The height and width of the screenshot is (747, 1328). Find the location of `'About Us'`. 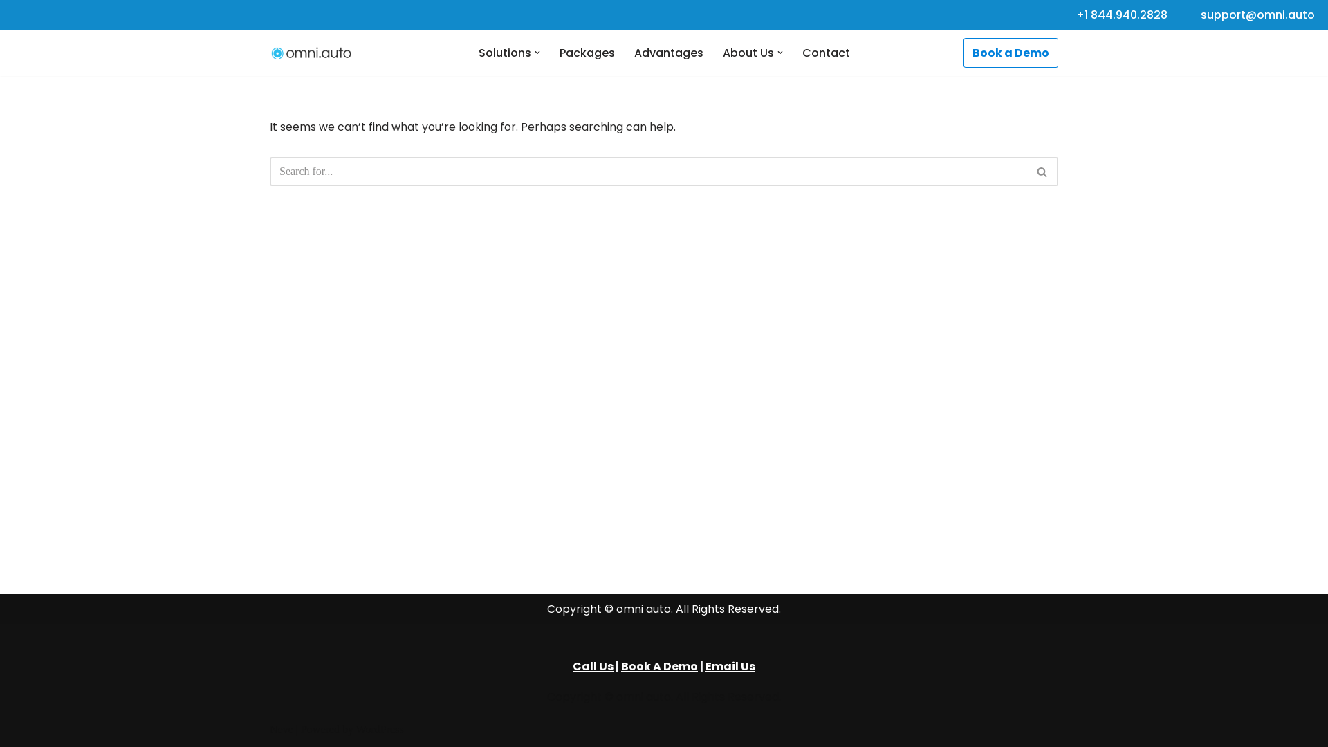

'About Us' is located at coordinates (721, 52).